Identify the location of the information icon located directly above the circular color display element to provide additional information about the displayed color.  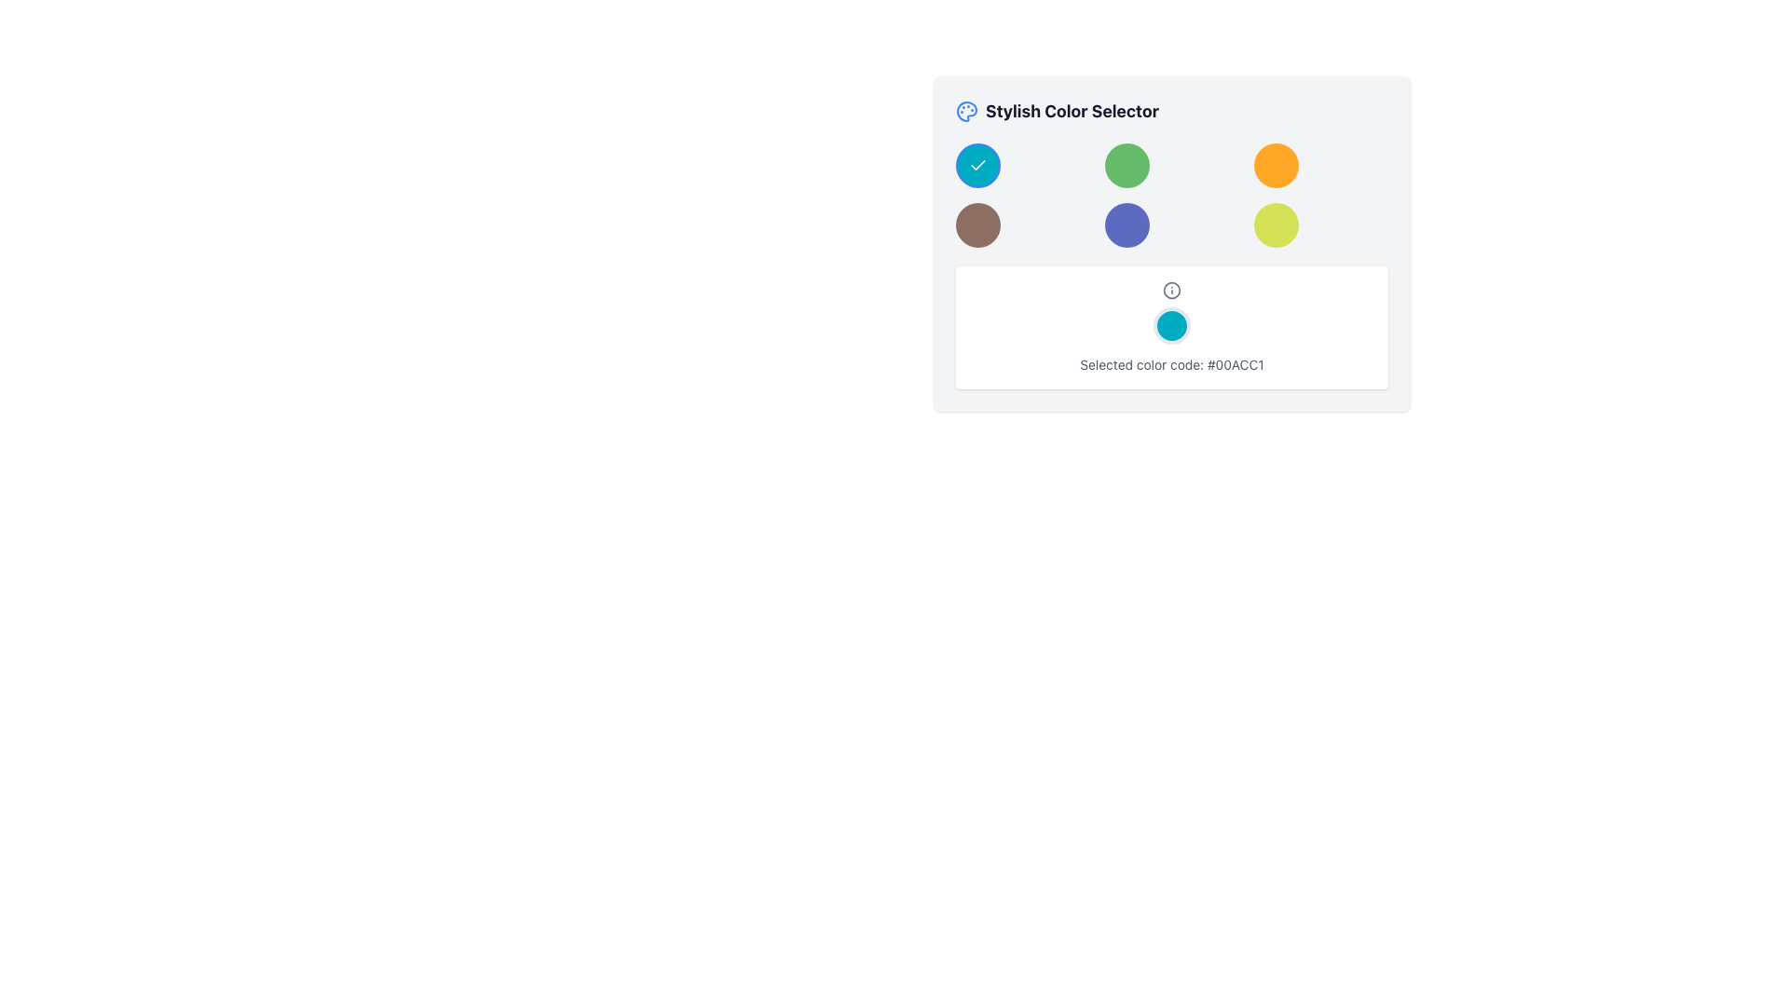
(1170, 291).